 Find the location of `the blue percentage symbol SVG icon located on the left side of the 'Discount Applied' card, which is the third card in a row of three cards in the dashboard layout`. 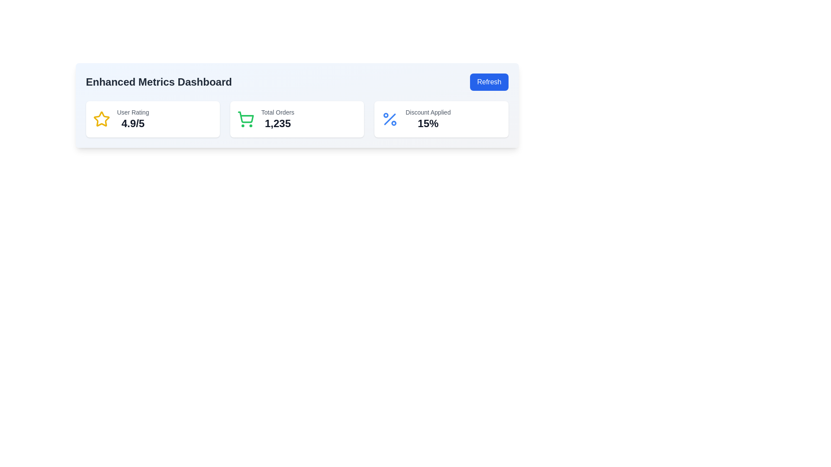

the blue percentage symbol SVG icon located on the left side of the 'Discount Applied' card, which is the third card in a row of three cards in the dashboard layout is located at coordinates (390, 119).